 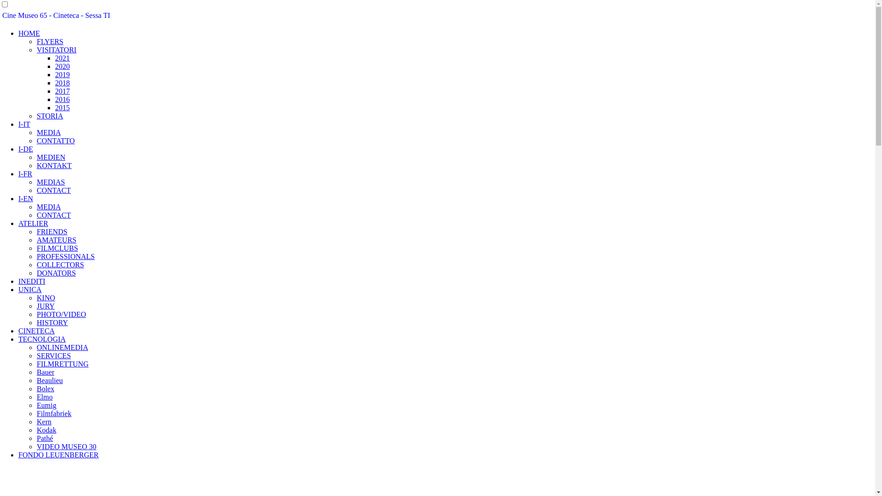 I want to click on 'PROFESSIONALS', so click(x=65, y=256).